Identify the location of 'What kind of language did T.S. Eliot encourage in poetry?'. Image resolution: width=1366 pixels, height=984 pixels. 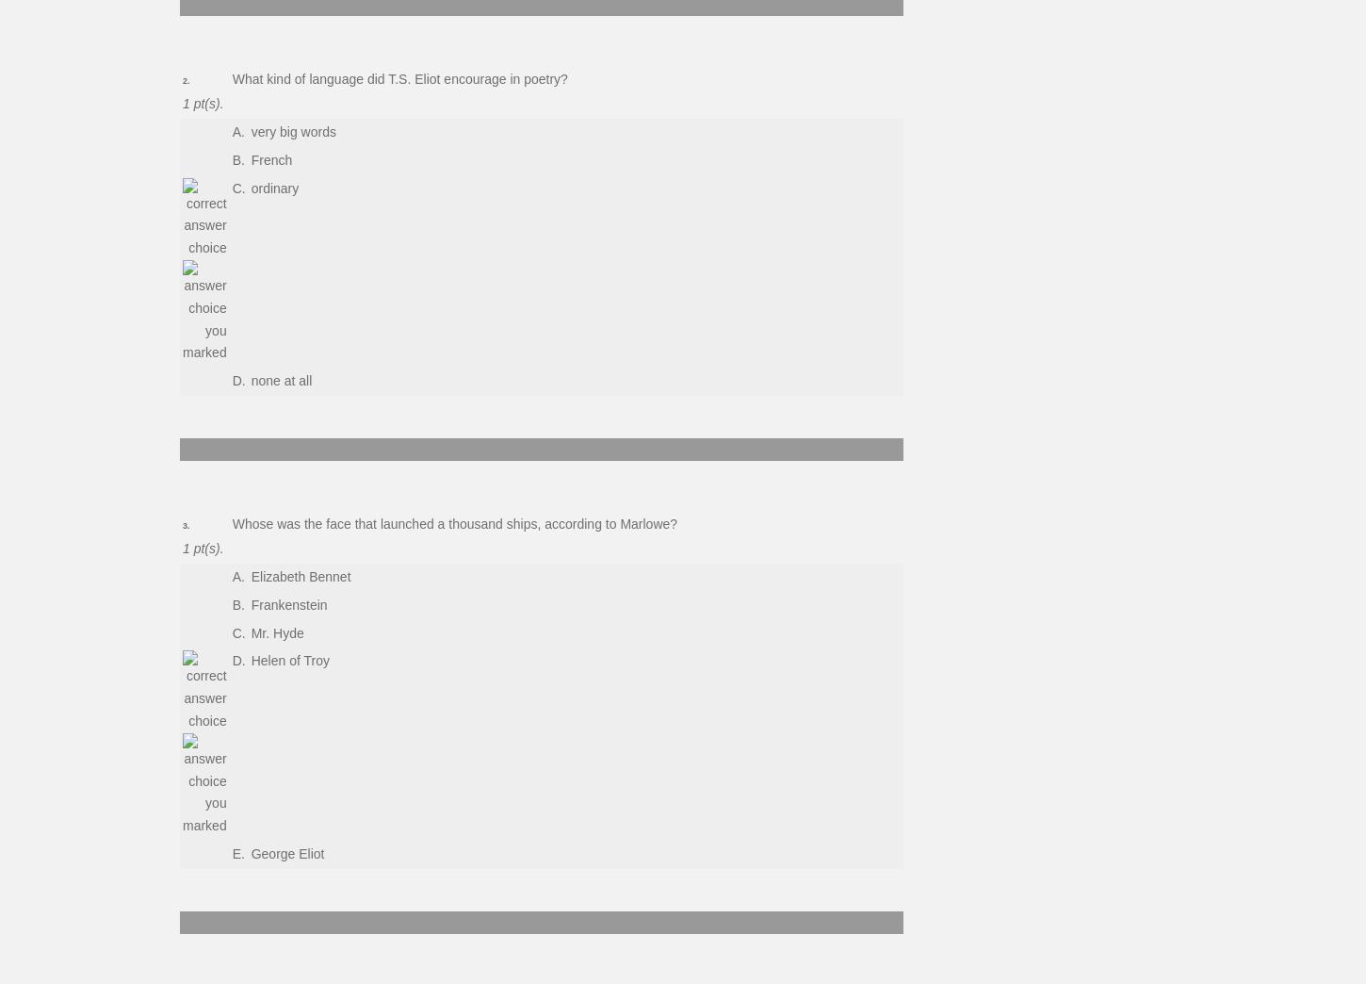
(398, 79).